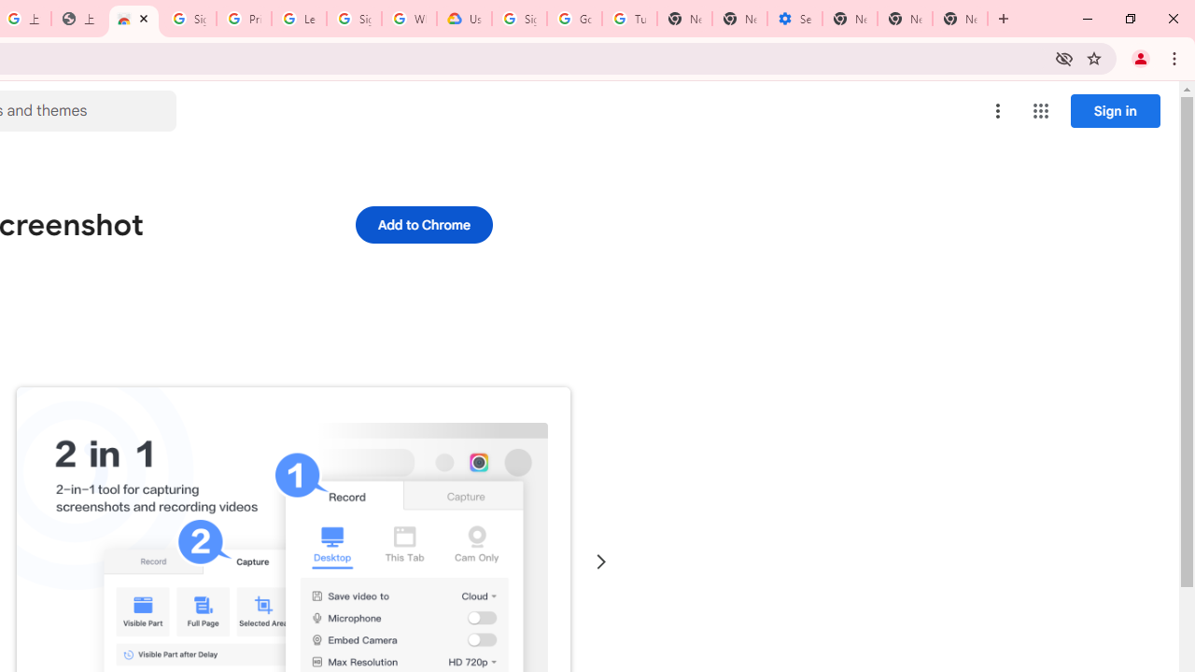  I want to click on 'Settings - Addresses and more', so click(794, 19).